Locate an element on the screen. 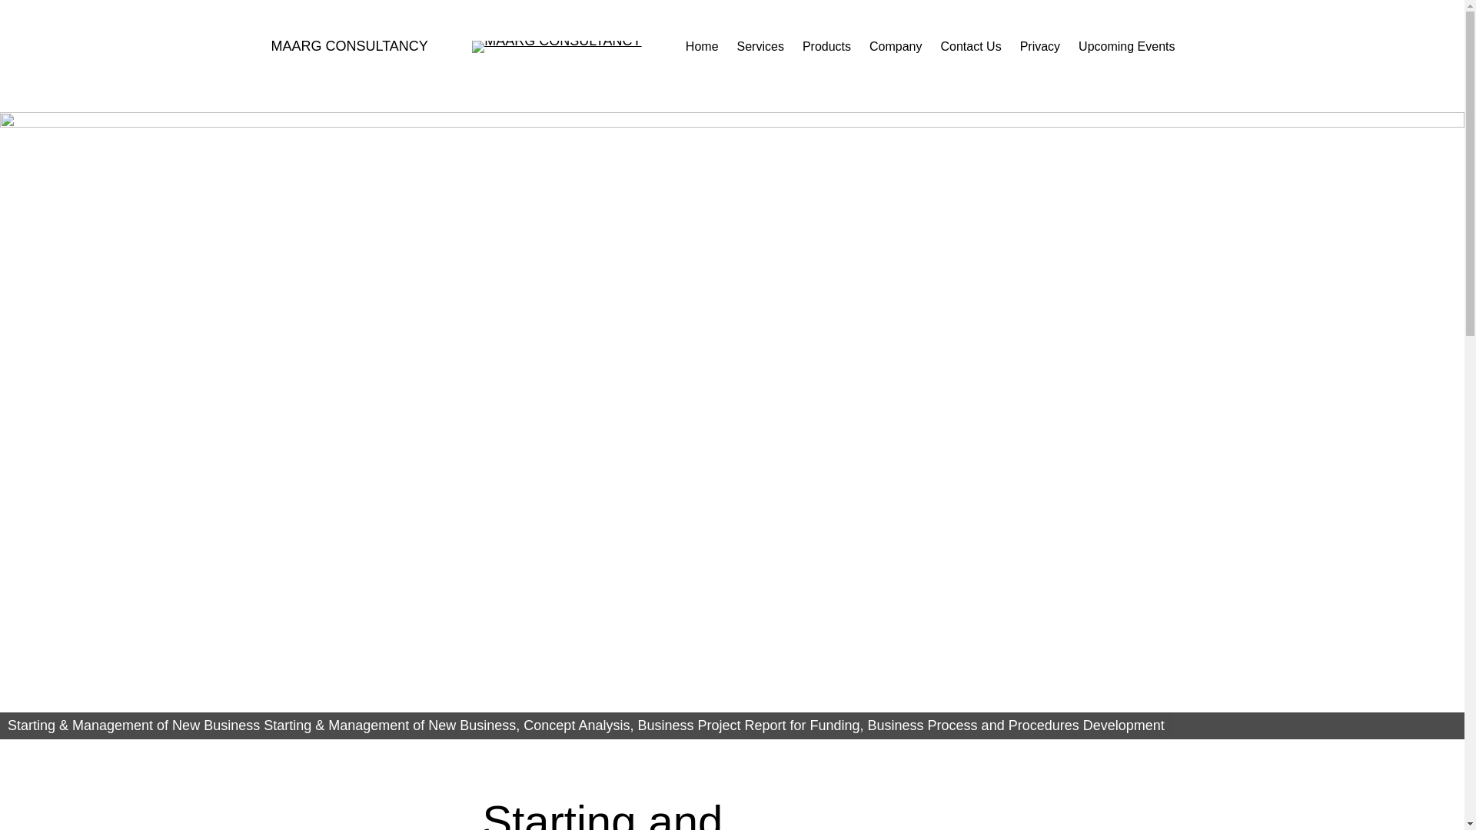 Image resolution: width=1476 pixels, height=830 pixels. 'Services' is located at coordinates (760, 46).